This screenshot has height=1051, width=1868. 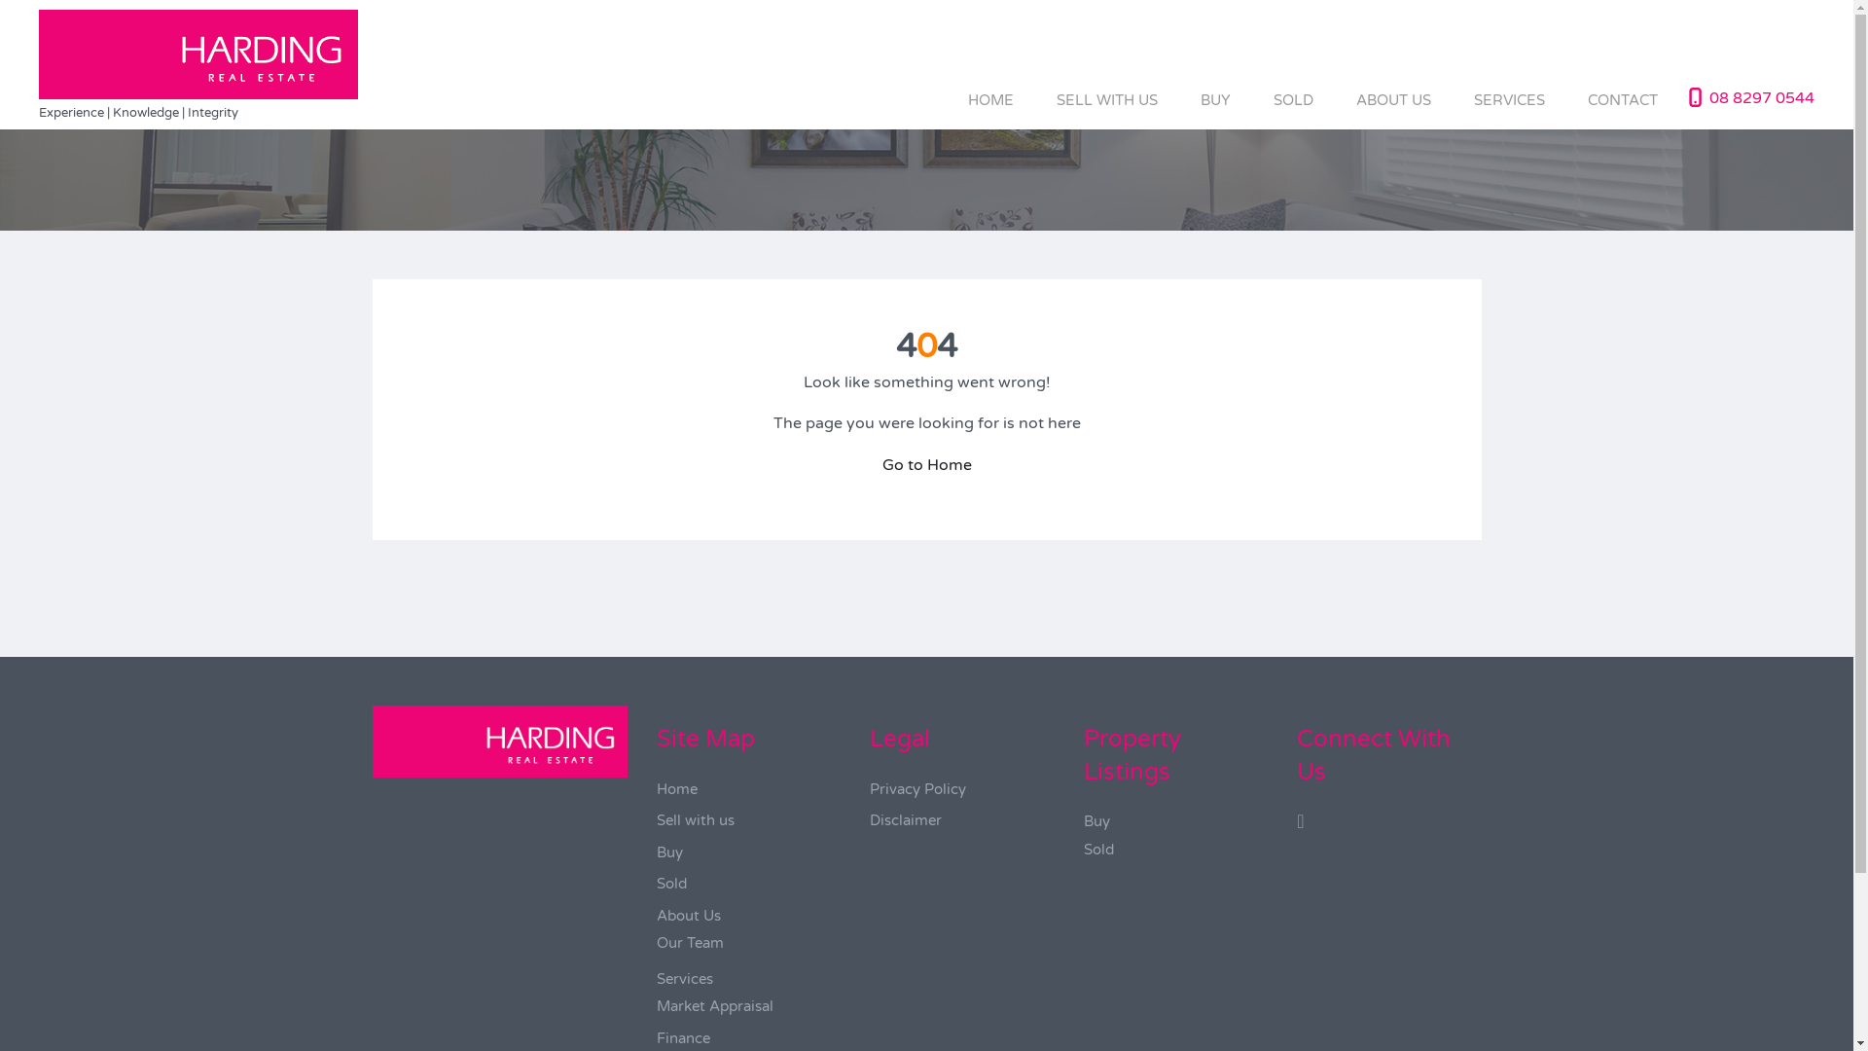 I want to click on 'Home', so click(x=677, y=788).